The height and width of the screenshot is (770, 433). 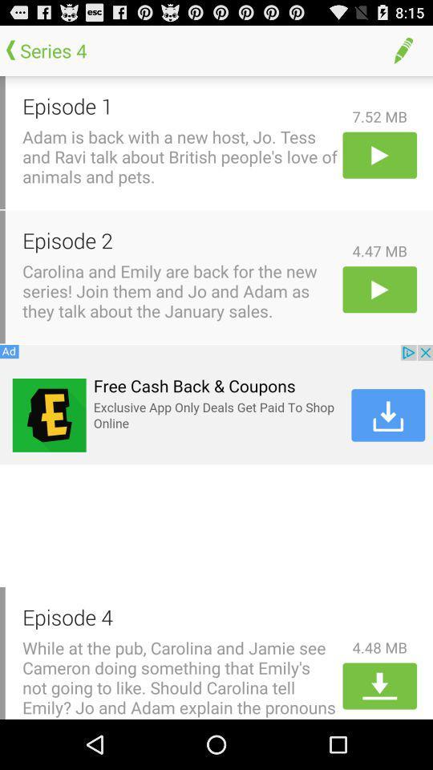 What do you see at coordinates (378, 155) in the screenshot?
I see `play 1` at bounding box center [378, 155].